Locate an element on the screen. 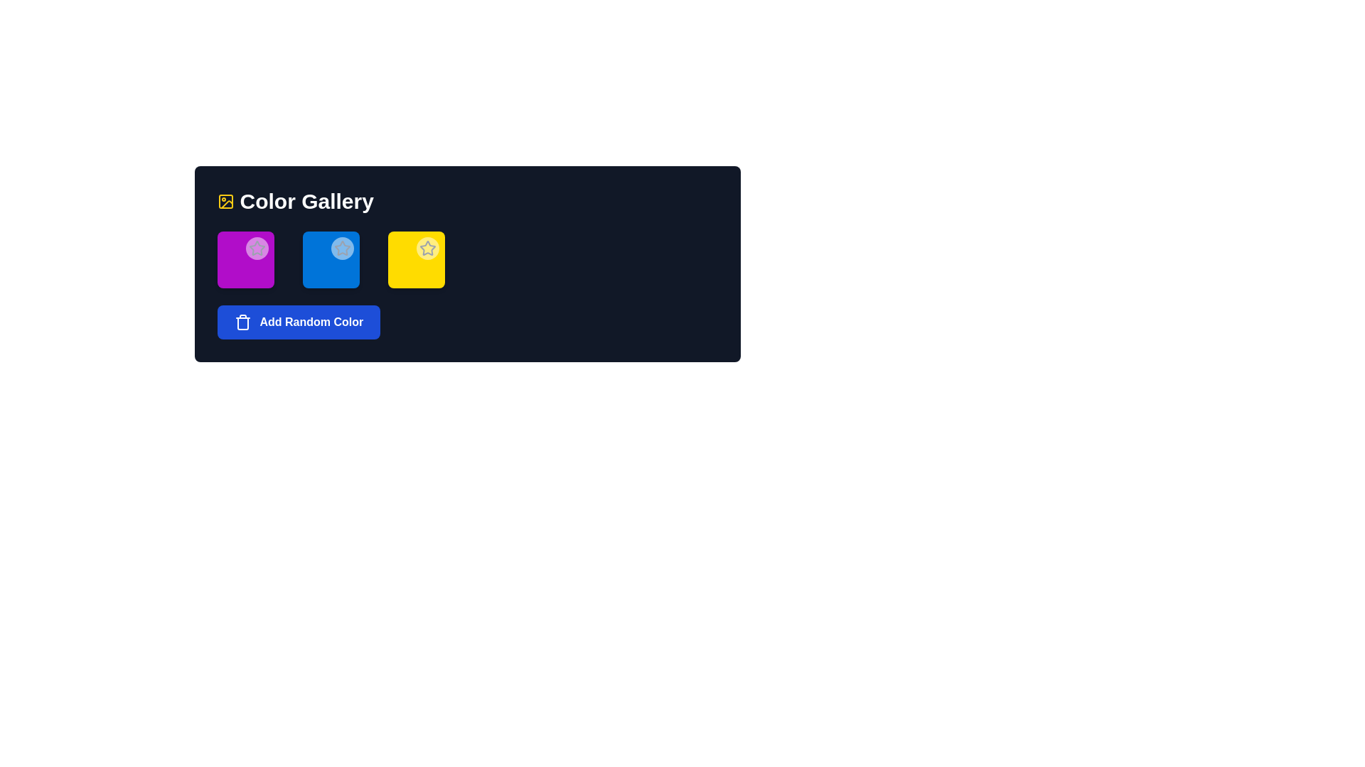 The image size is (1365, 767). the star icon located at the top-right corner of the blue square background, which is the central square among three colored squares, indicating a favorite or rating action is located at coordinates (342, 248).